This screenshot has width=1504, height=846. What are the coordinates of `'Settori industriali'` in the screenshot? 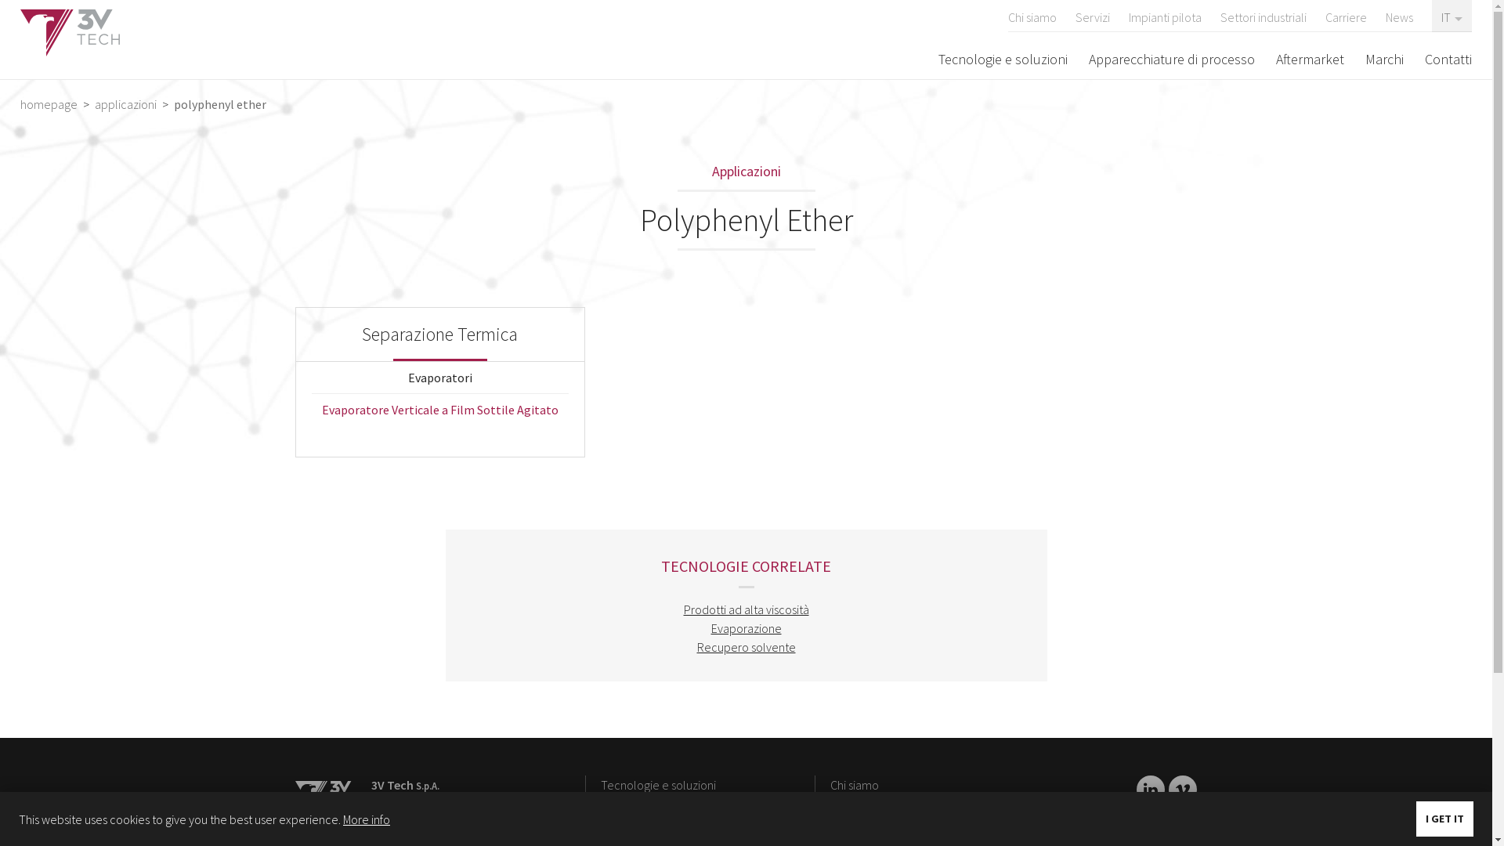 It's located at (1263, 15).